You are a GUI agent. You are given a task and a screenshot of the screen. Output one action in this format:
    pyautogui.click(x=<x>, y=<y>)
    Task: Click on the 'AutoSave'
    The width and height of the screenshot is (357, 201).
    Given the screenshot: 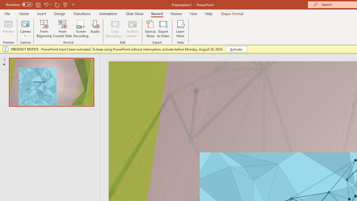 What is the action you would take?
    pyautogui.click(x=19, y=4)
    